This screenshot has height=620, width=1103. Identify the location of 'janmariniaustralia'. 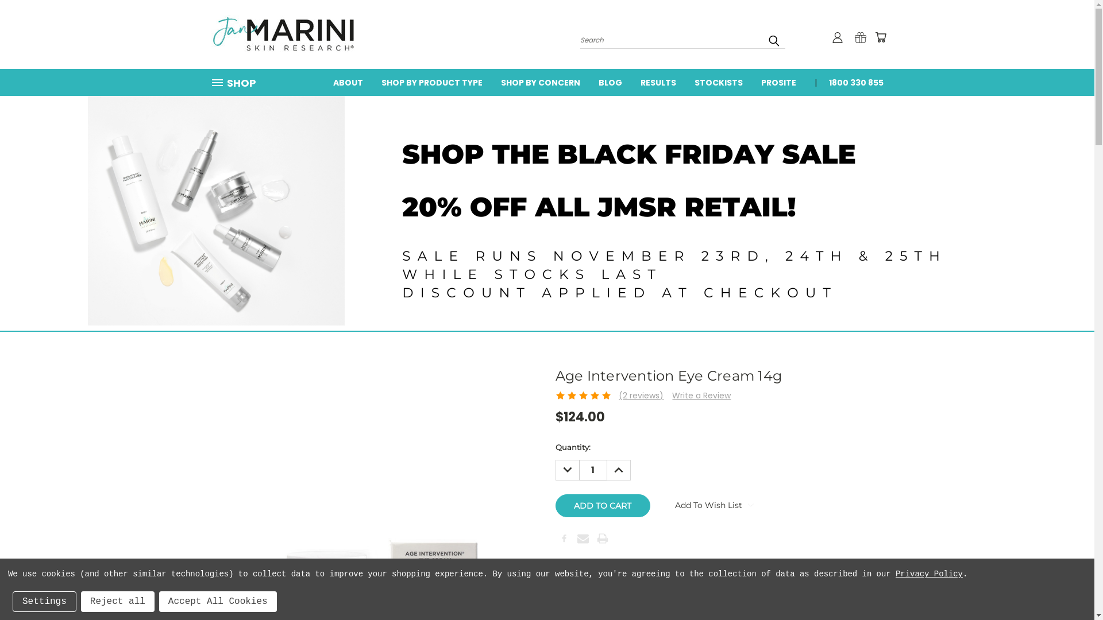
(283, 34).